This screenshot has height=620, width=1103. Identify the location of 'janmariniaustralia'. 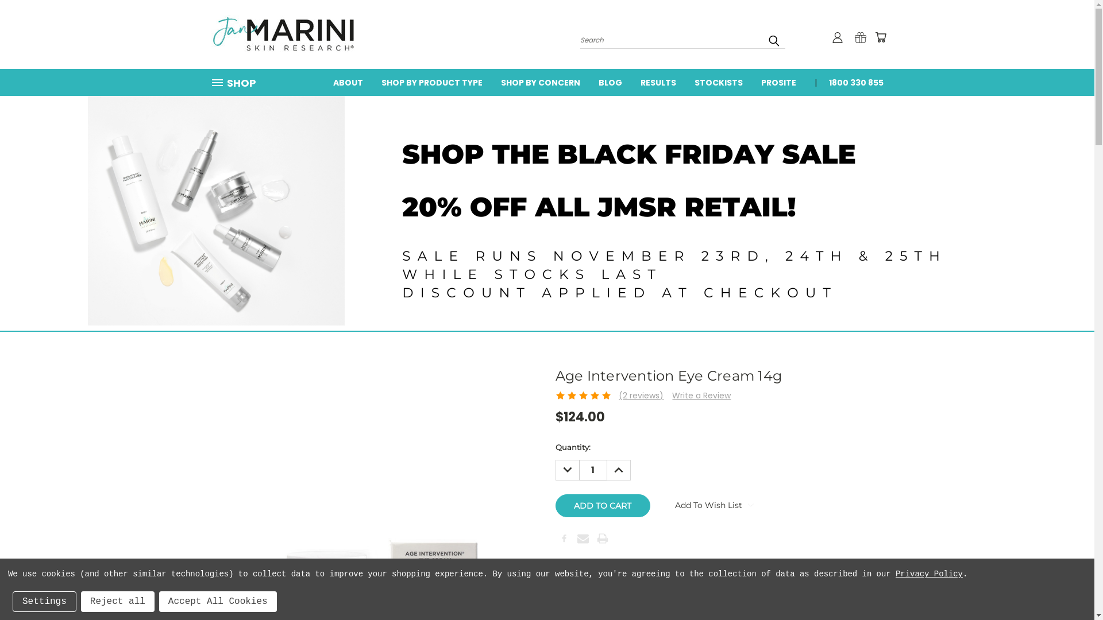
(283, 34).